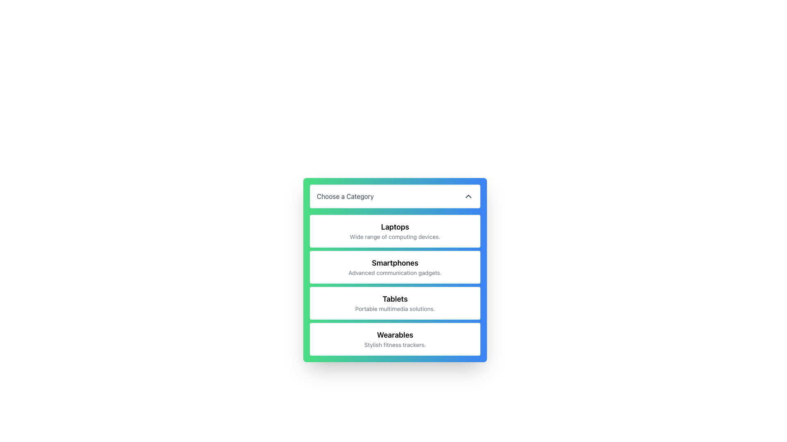 Image resolution: width=787 pixels, height=442 pixels. I want to click on the 'Laptops' category selection button located beneath the 'Choose a Category' title bar, so click(395, 231).